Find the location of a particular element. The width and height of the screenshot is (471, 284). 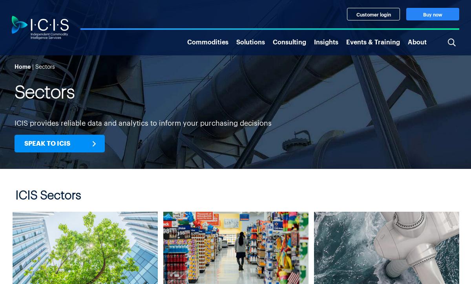

'About' is located at coordinates (416, 40).